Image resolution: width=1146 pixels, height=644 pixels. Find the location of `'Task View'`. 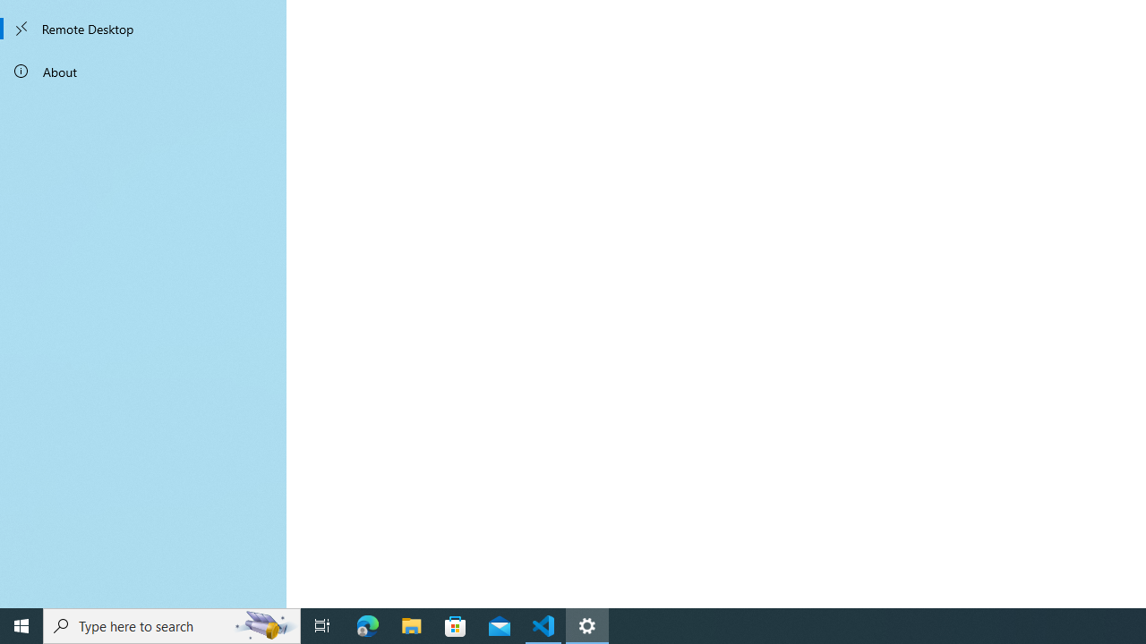

'Task View' is located at coordinates (321, 624).